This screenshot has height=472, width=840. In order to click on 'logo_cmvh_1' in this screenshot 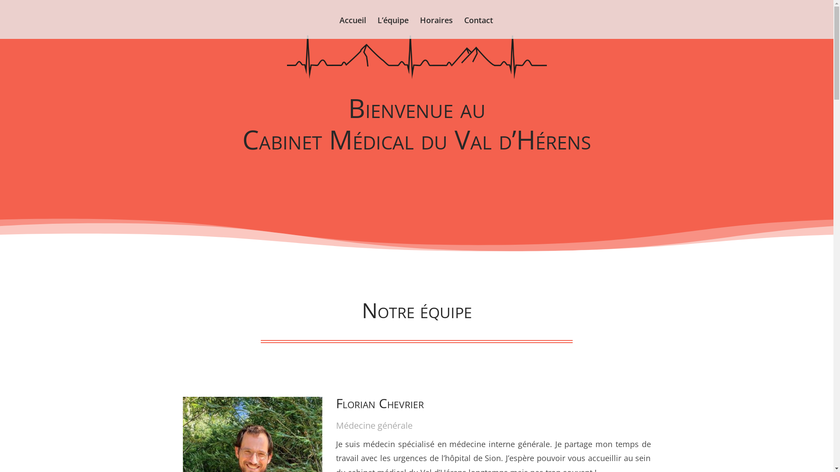, I will do `click(416, 57)`.